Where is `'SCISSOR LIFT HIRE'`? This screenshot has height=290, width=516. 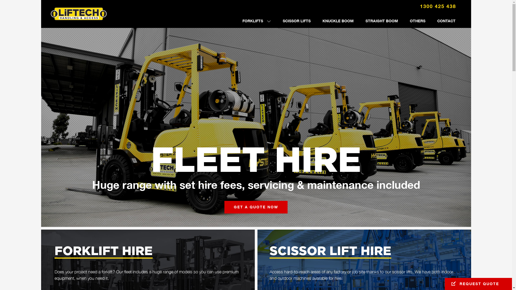 'SCISSOR LIFT HIRE' is located at coordinates (330, 251).